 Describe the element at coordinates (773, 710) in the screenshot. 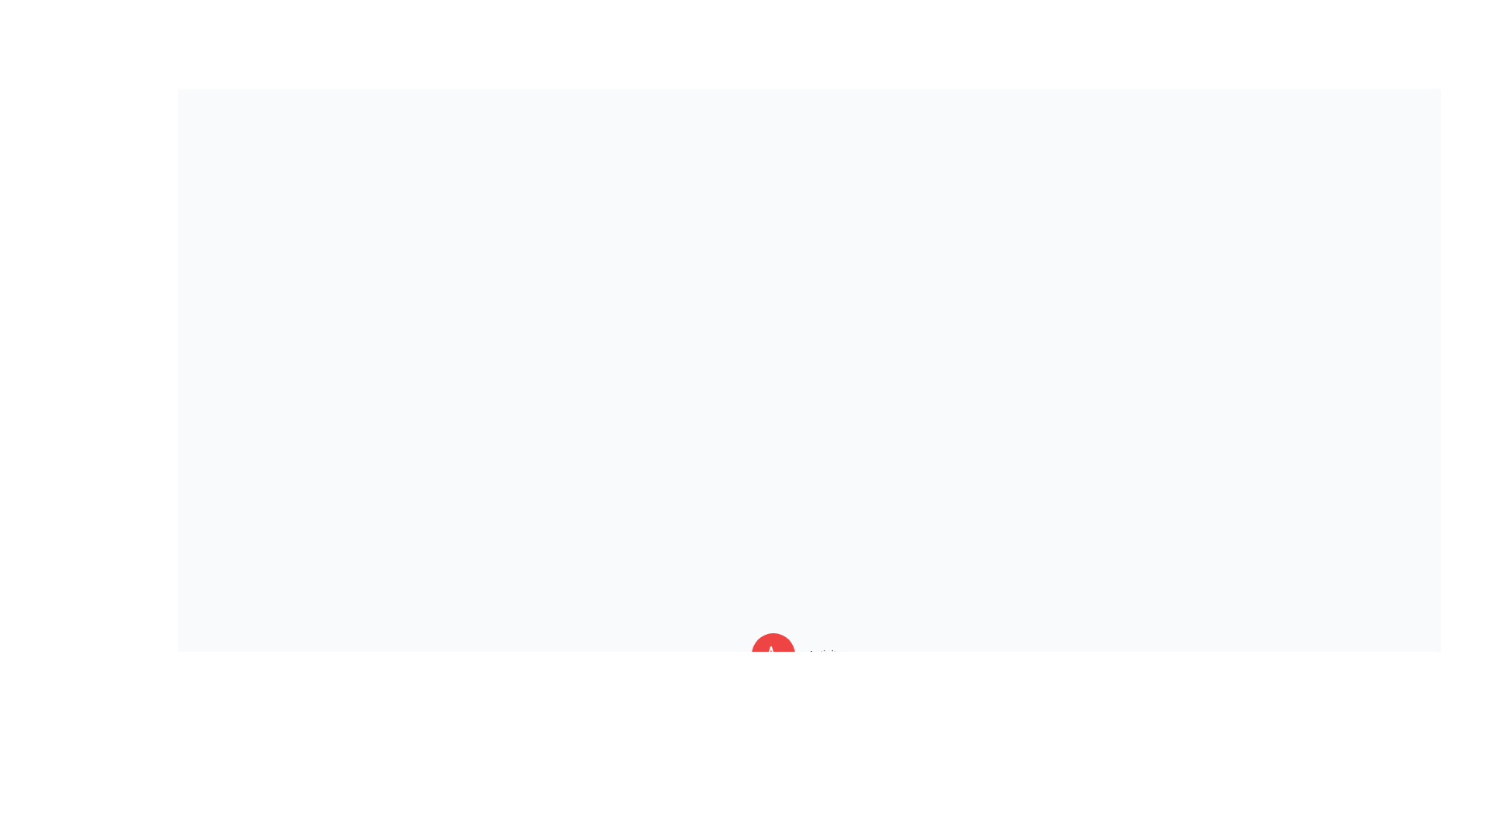

I see `the button corresponding to Notifications to observe its tooltip or label` at that location.